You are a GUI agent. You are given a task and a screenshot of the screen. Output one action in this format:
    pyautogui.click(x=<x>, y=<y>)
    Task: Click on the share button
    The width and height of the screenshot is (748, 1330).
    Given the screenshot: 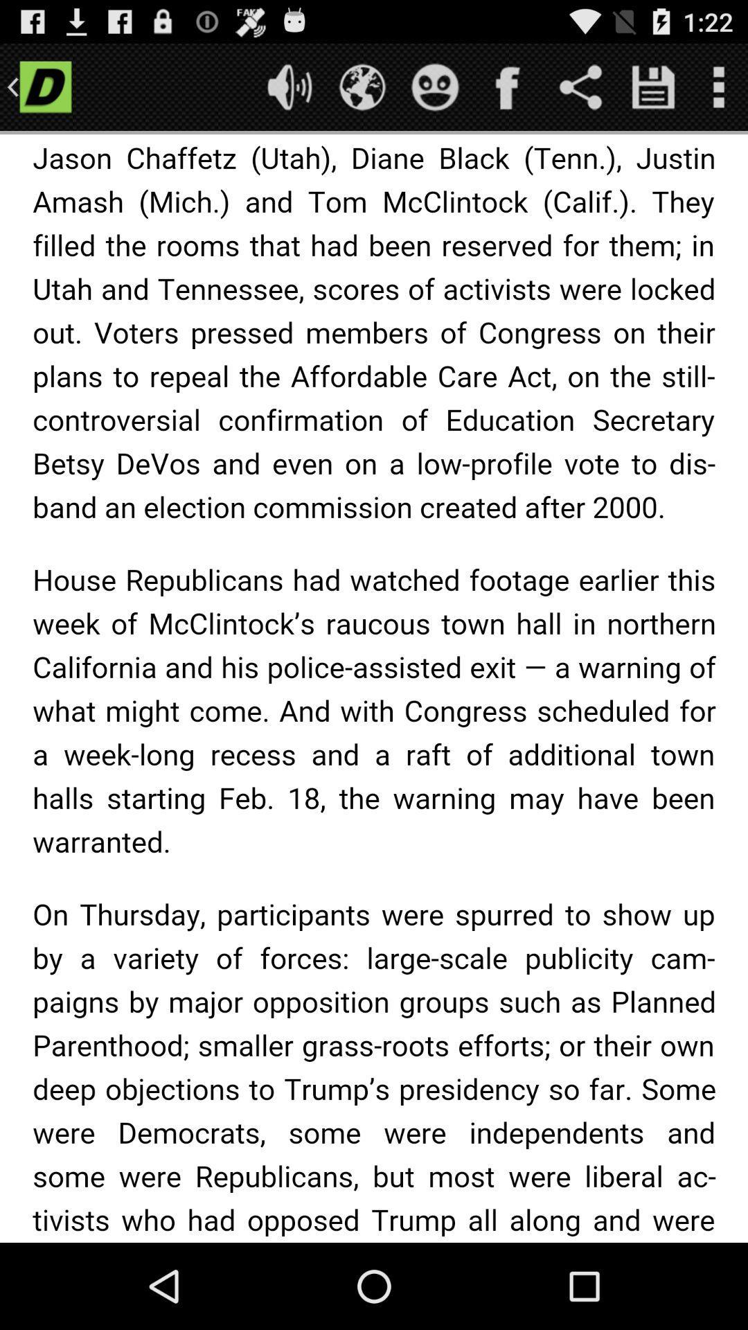 What is the action you would take?
    pyautogui.click(x=580, y=86)
    